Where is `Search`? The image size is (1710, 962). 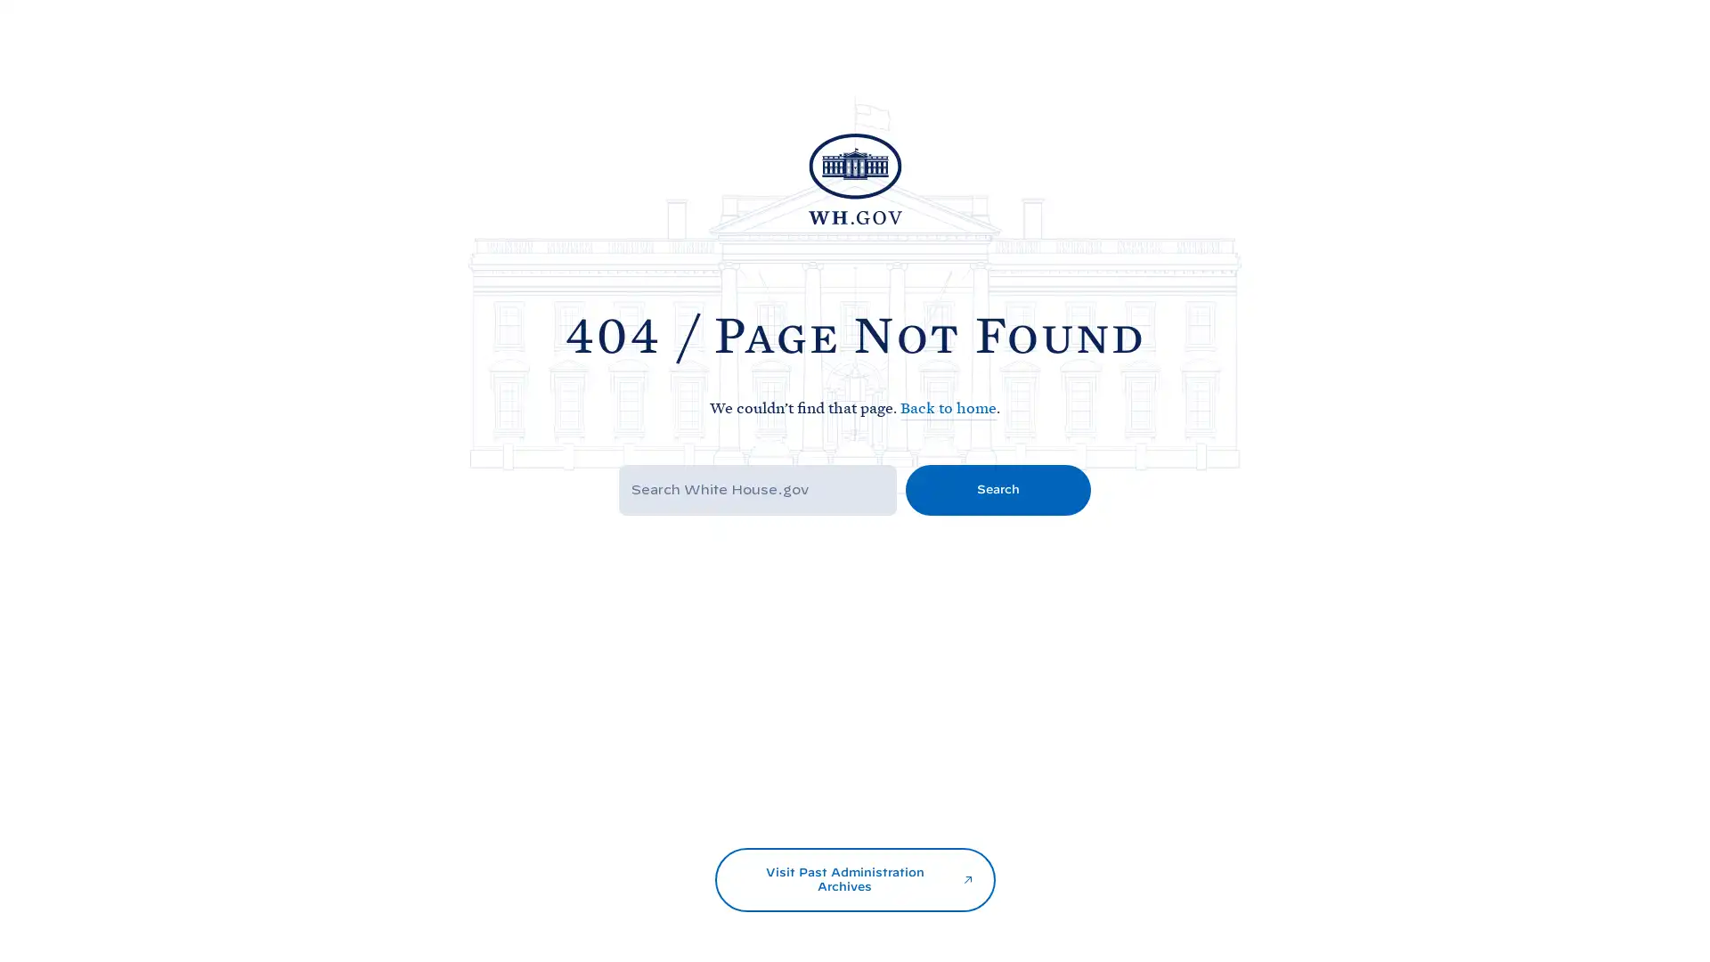 Search is located at coordinates (997, 489).